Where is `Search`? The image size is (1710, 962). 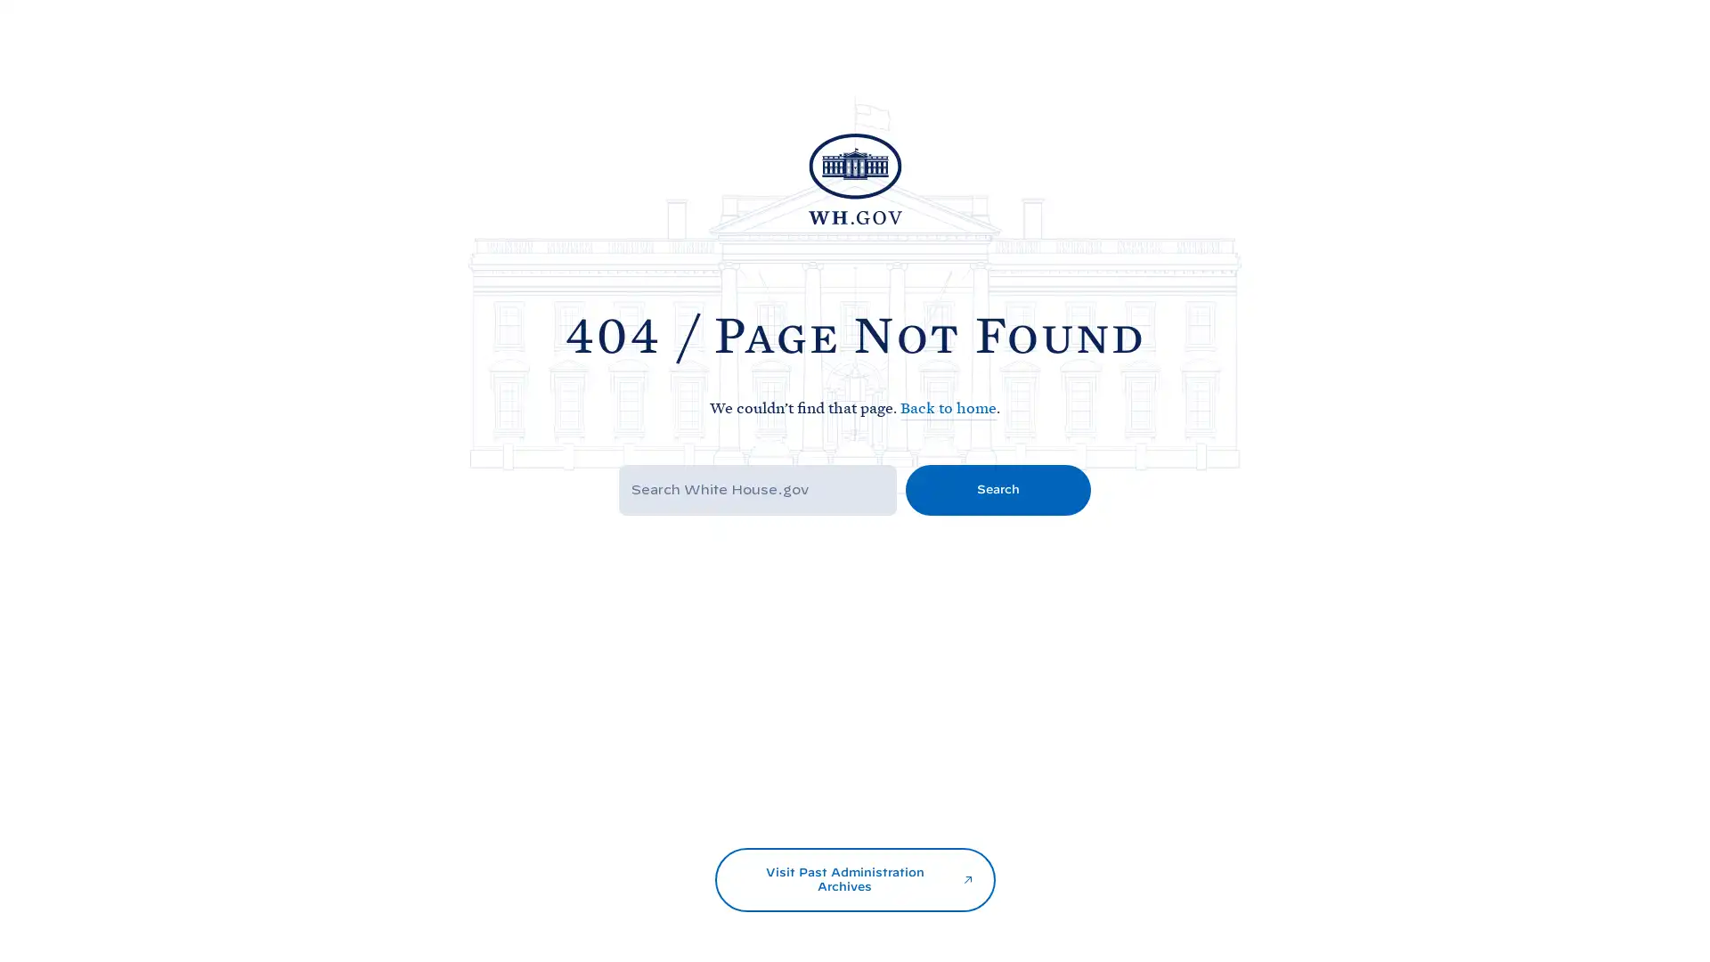 Search is located at coordinates (997, 489).